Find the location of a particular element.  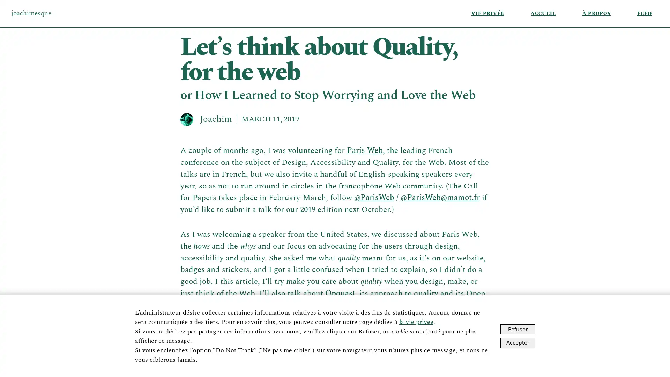

Accepter is located at coordinates (518, 342).